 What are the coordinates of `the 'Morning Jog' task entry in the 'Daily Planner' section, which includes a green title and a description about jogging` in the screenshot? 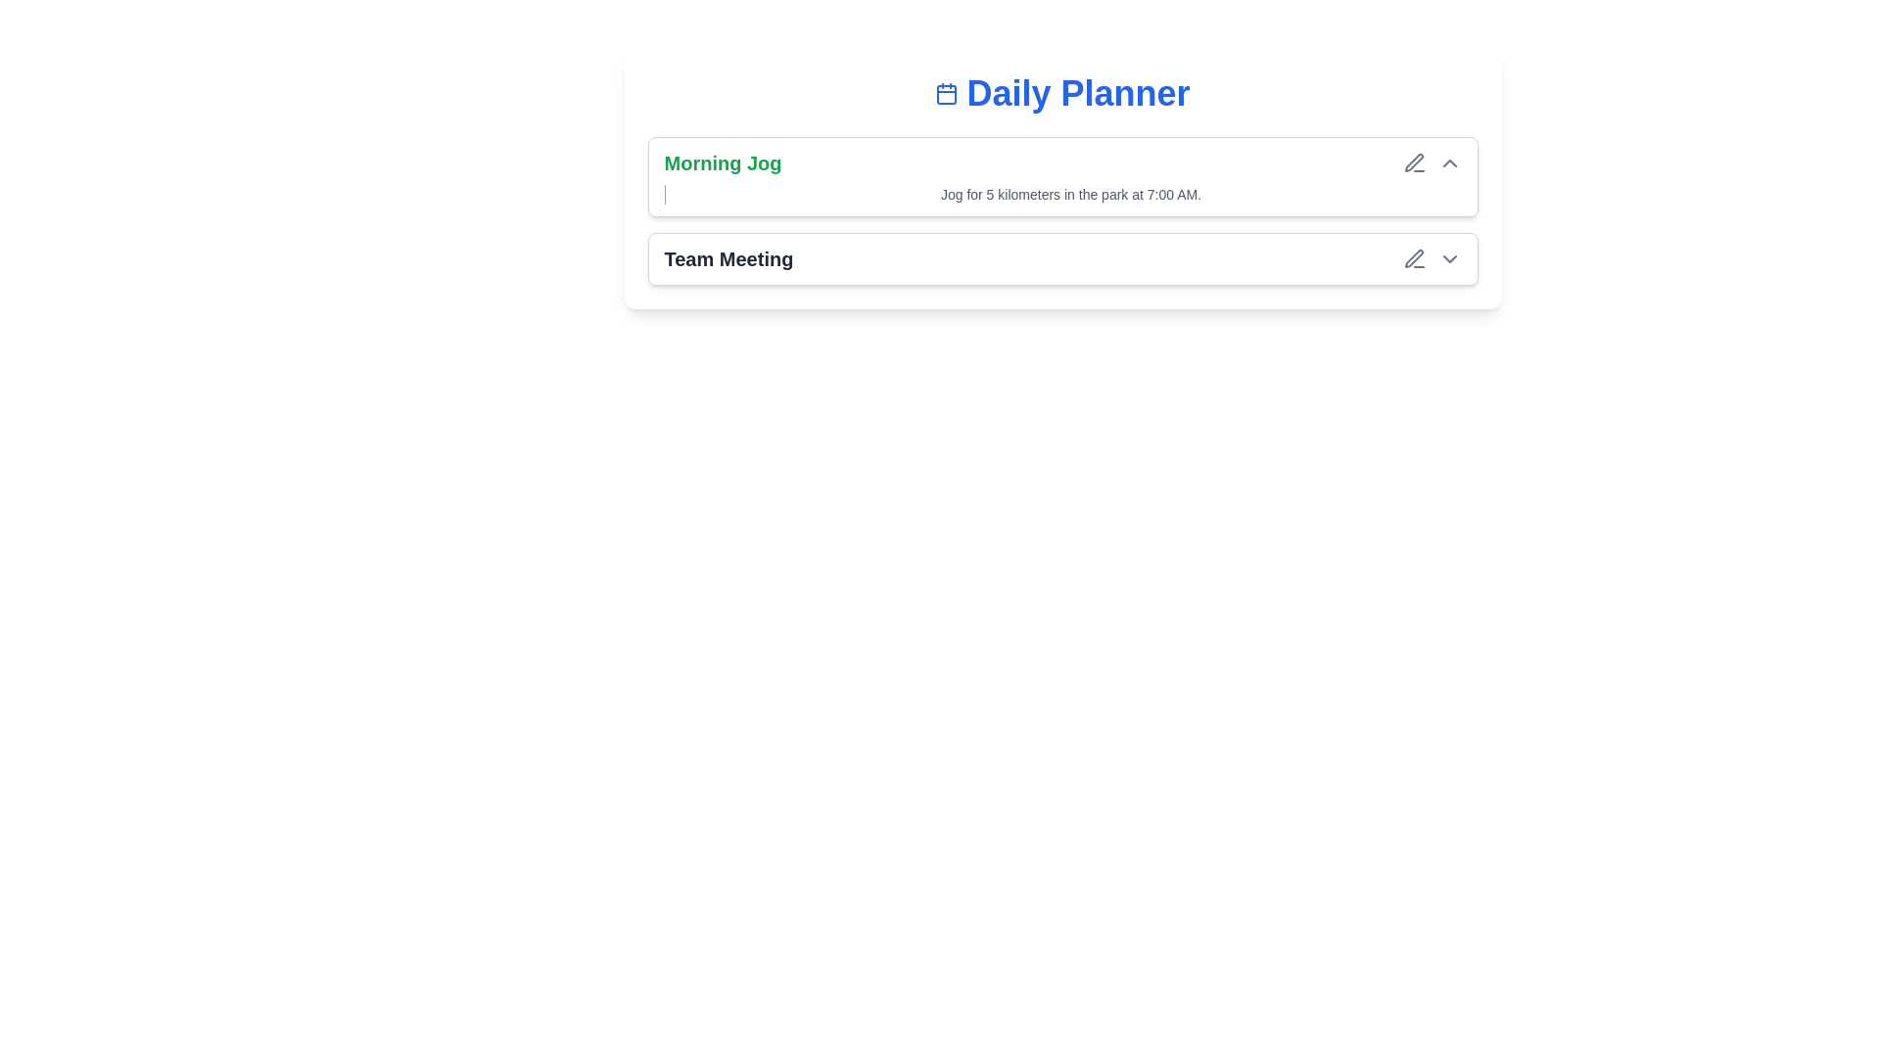 It's located at (1061, 211).